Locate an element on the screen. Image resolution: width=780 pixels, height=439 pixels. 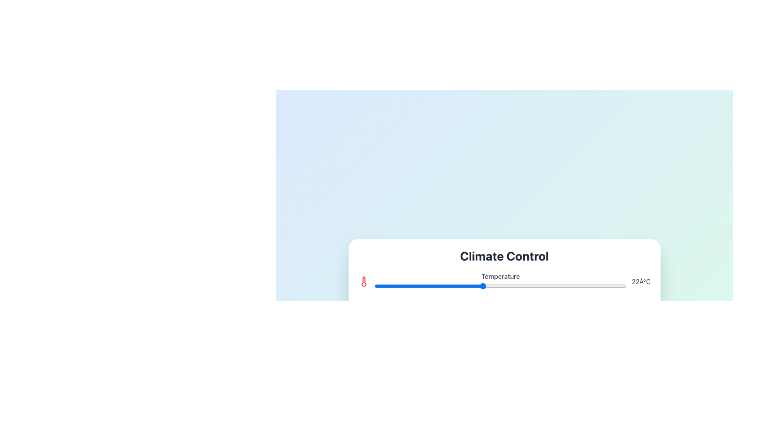
temperature is located at coordinates (392, 286).